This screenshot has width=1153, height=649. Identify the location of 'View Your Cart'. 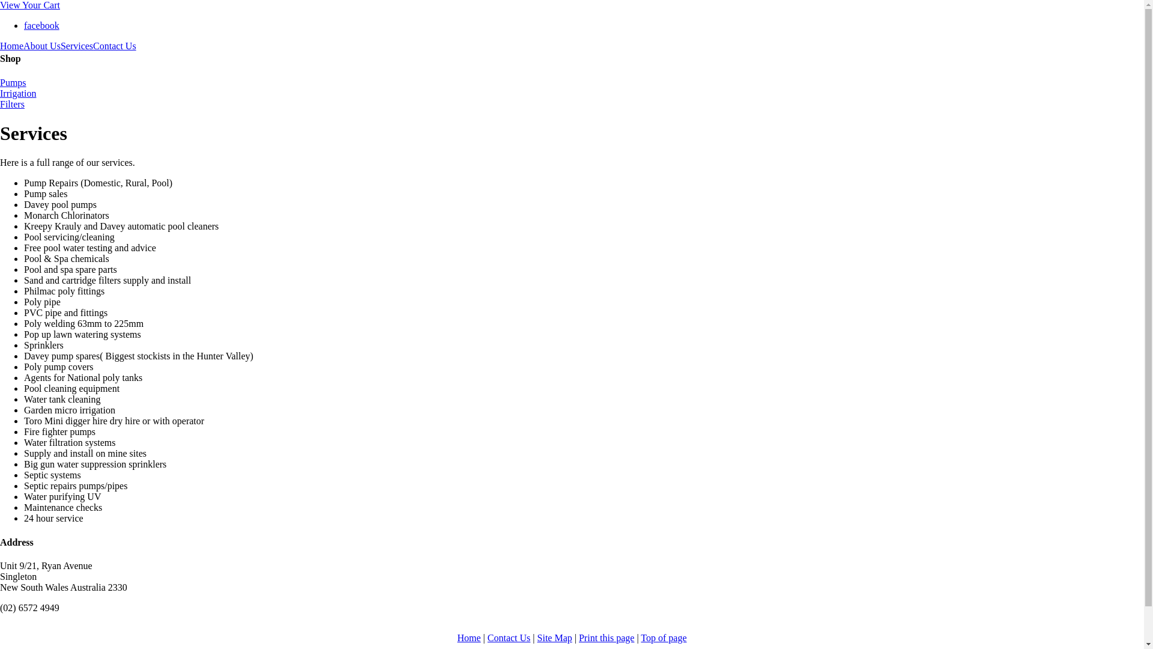
(29, 5).